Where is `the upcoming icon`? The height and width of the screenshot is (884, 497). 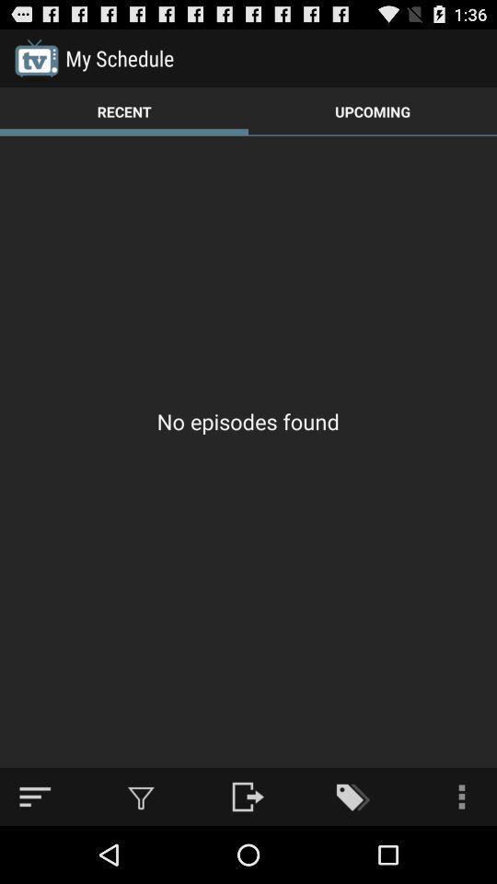
the upcoming icon is located at coordinates (373, 110).